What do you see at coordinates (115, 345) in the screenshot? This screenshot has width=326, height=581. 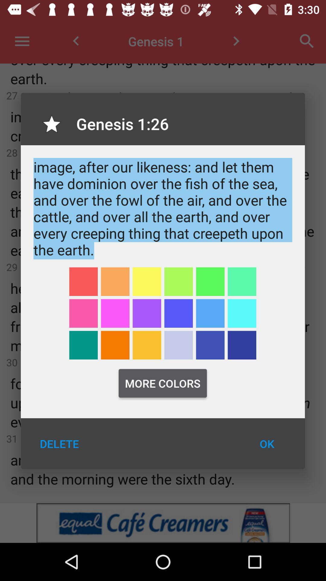 I see `orange` at bounding box center [115, 345].